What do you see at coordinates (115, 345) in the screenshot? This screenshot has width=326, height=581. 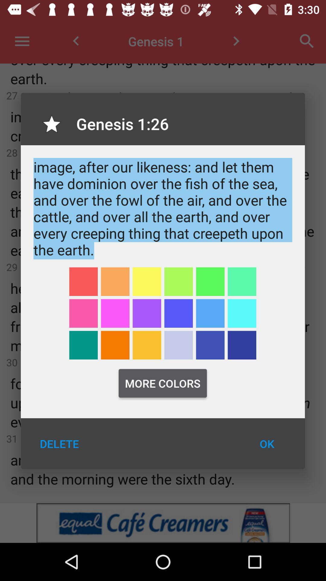 I see `orange` at bounding box center [115, 345].